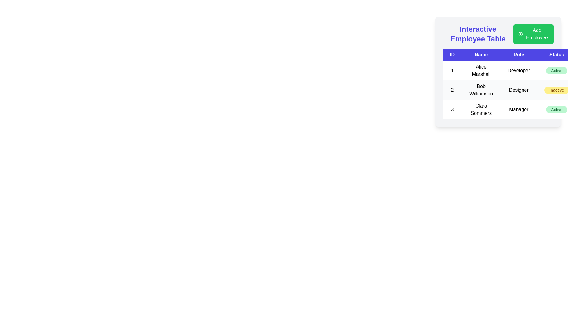 The width and height of the screenshot is (586, 329). What do you see at coordinates (518, 55) in the screenshot?
I see `the 'Role' column header in the table, which is the third header among 'ID', 'Name', 'Role', 'Status', and 'Actions'` at bounding box center [518, 55].